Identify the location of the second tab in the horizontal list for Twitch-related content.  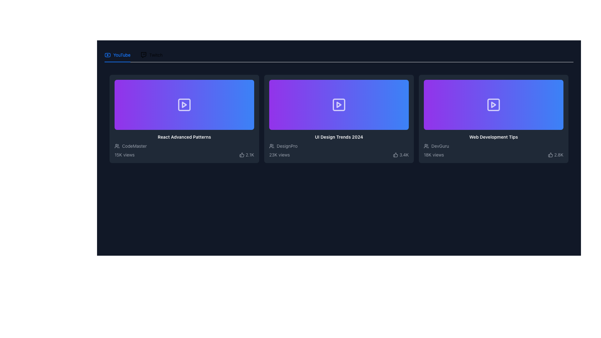
(152, 55).